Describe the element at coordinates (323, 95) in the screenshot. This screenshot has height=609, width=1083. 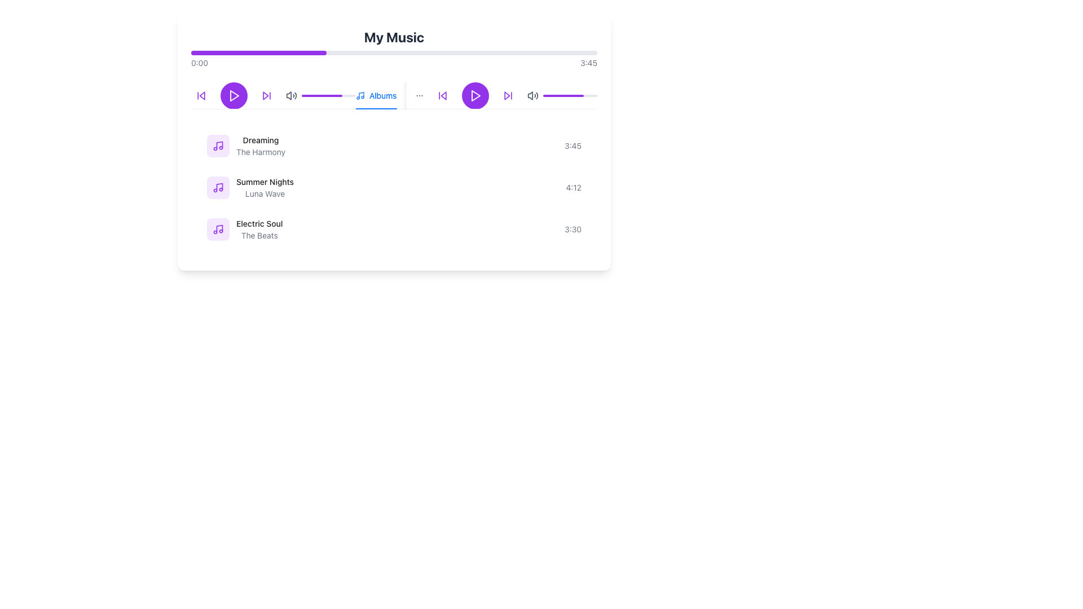
I see `the progress value` at that location.